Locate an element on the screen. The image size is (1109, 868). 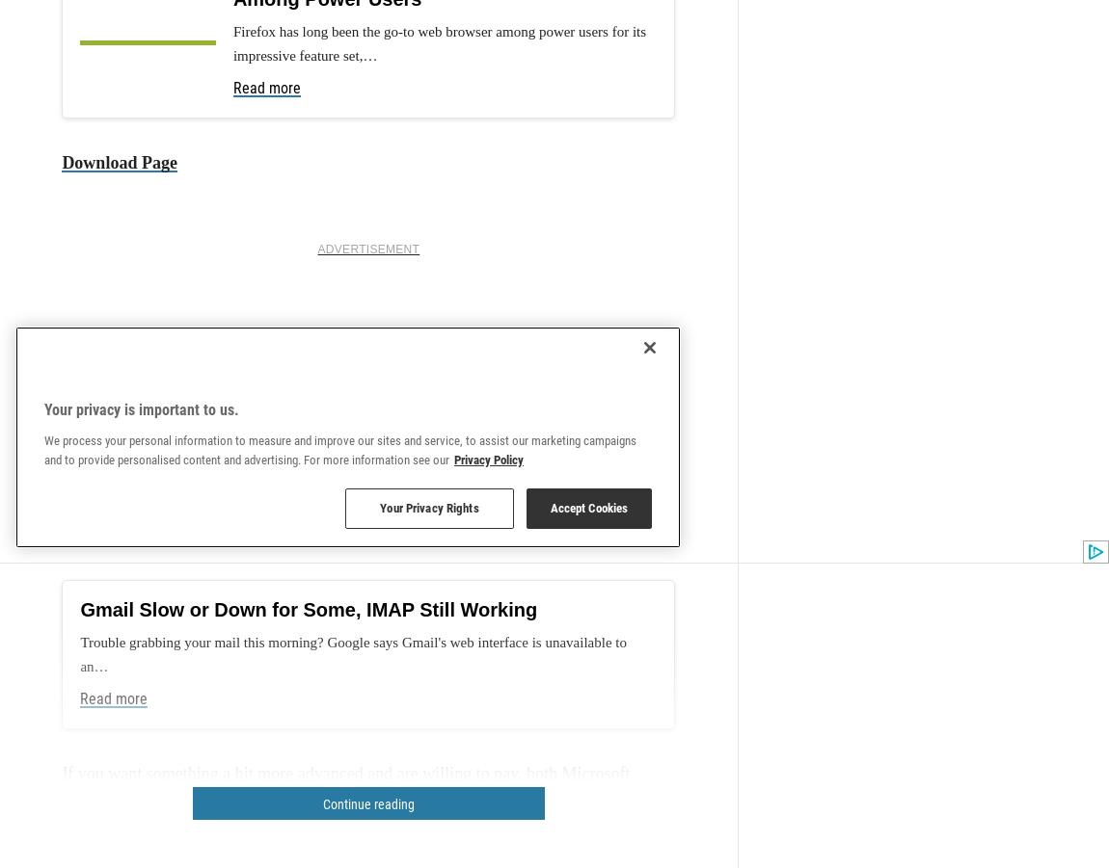
'If you don't like Dropbox or have problems with it's recent' is located at coordinates (266, 619).